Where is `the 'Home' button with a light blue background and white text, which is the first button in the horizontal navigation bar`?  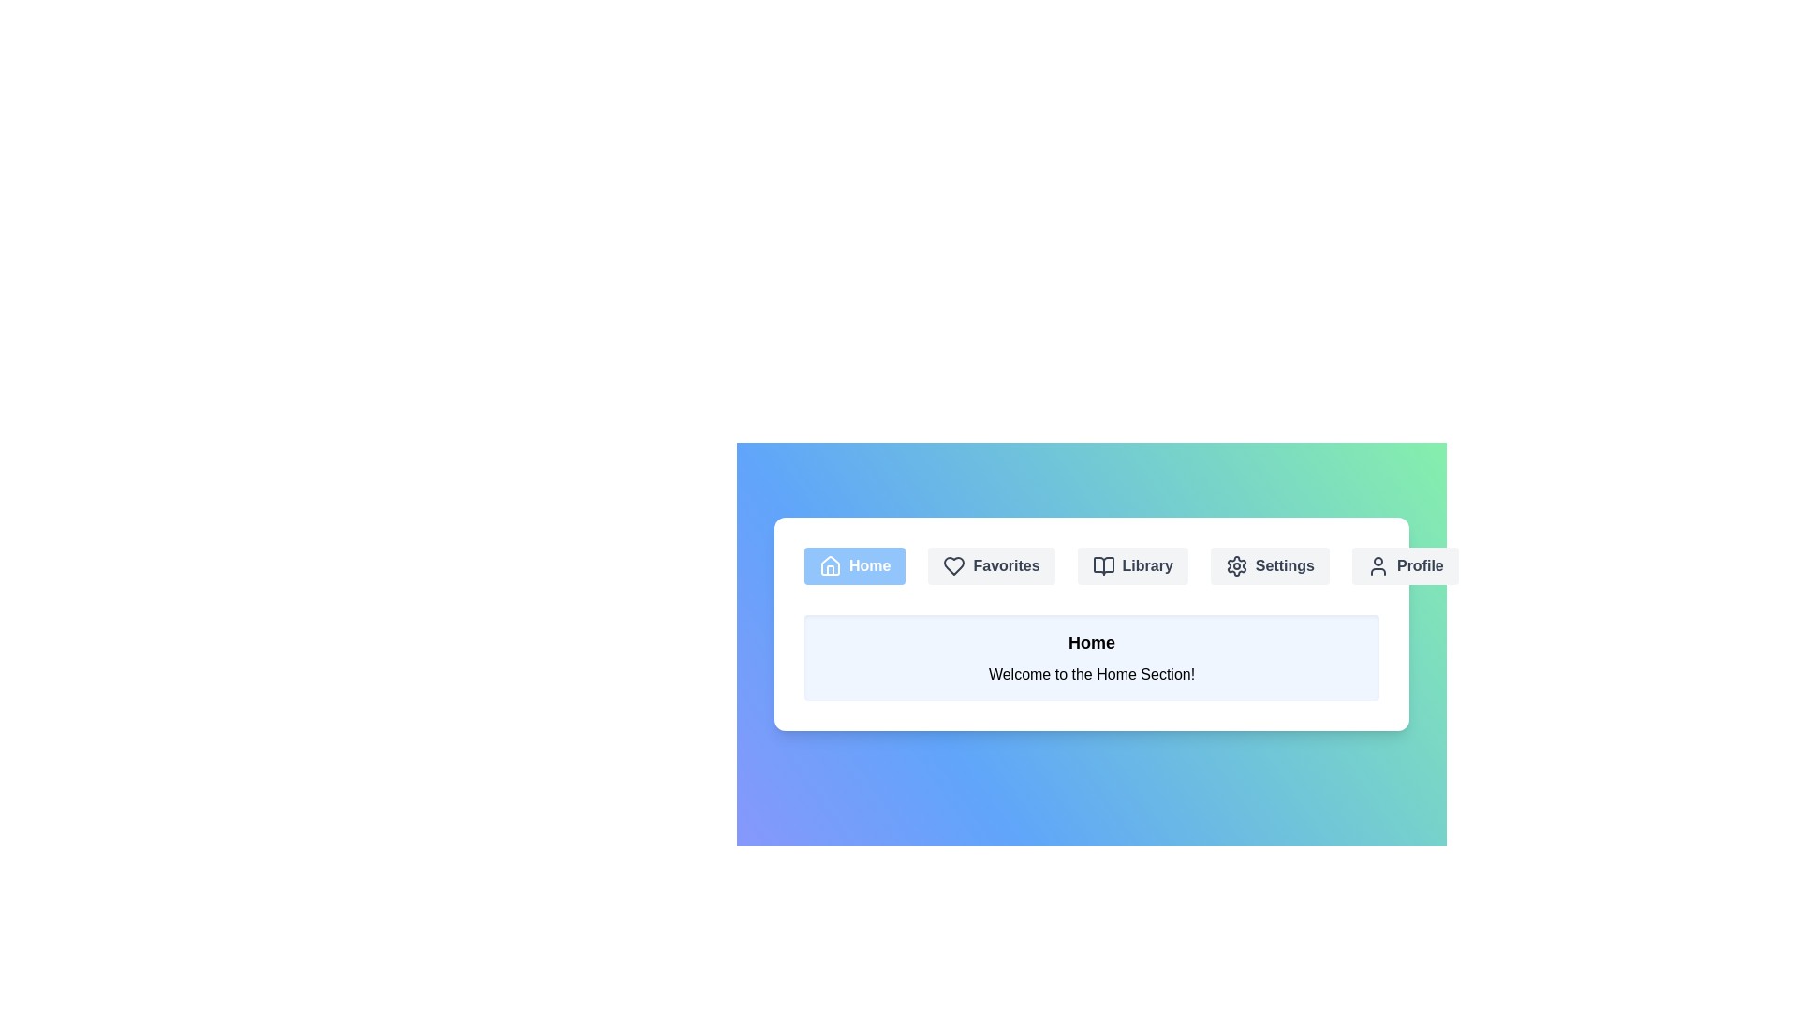
the 'Home' button with a light blue background and white text, which is the first button in the horizontal navigation bar is located at coordinates (853, 565).